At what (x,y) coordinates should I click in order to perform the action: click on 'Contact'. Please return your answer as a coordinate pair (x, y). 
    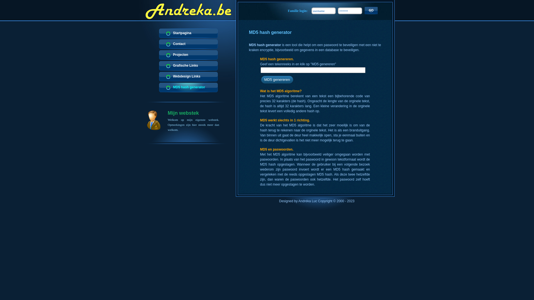
    Looking at the image, I should click on (188, 44).